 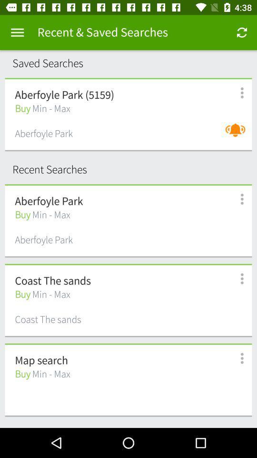 I want to click on menu options, so click(x=236, y=93).